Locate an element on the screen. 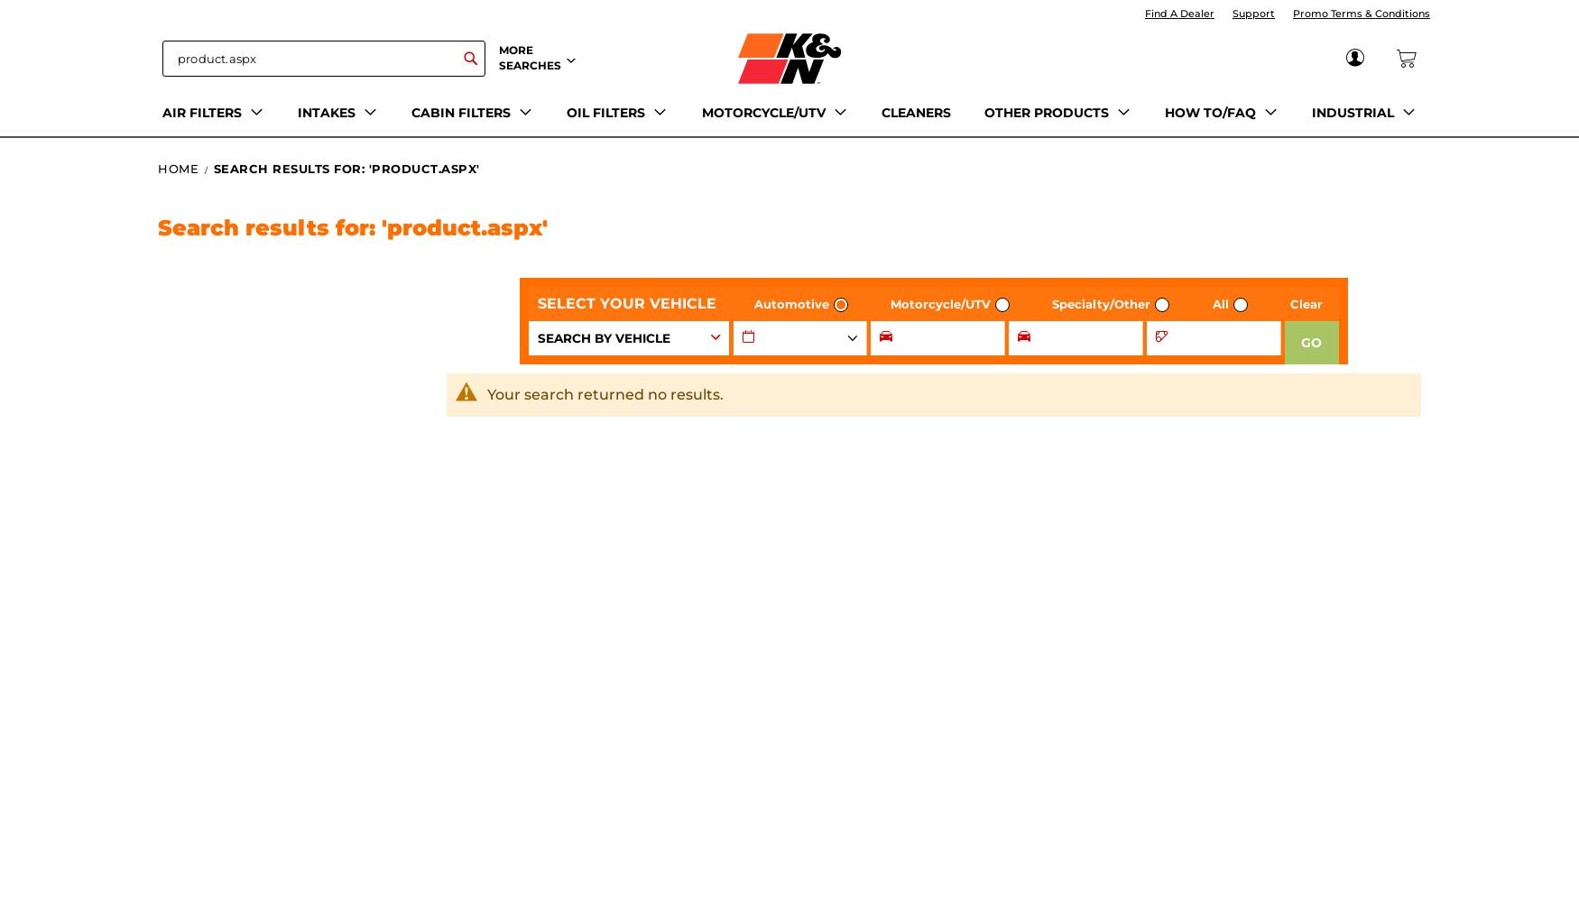 This screenshot has height=902, width=1579. 'CLEANERS' is located at coordinates (914, 111).